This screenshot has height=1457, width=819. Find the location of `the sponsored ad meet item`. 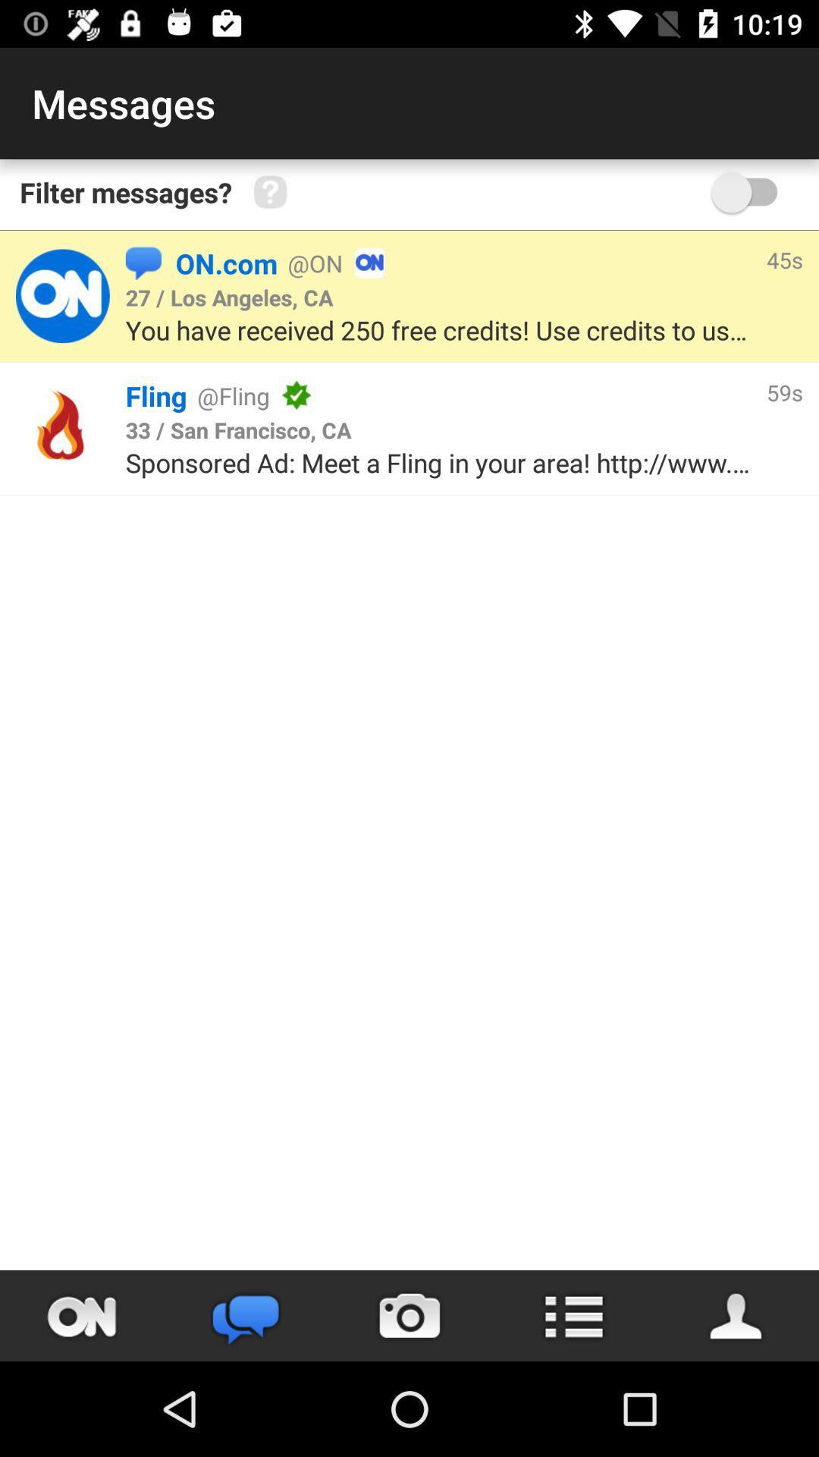

the sponsored ad meet item is located at coordinates (438, 461).